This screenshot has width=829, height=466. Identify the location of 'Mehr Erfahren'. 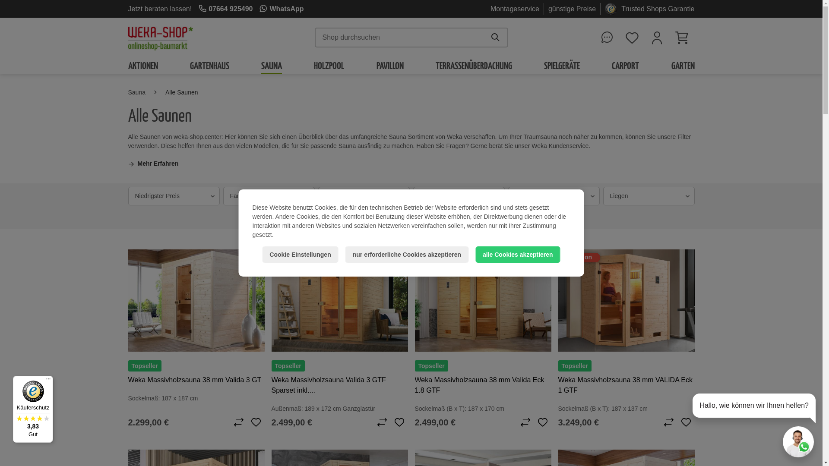
(153, 164).